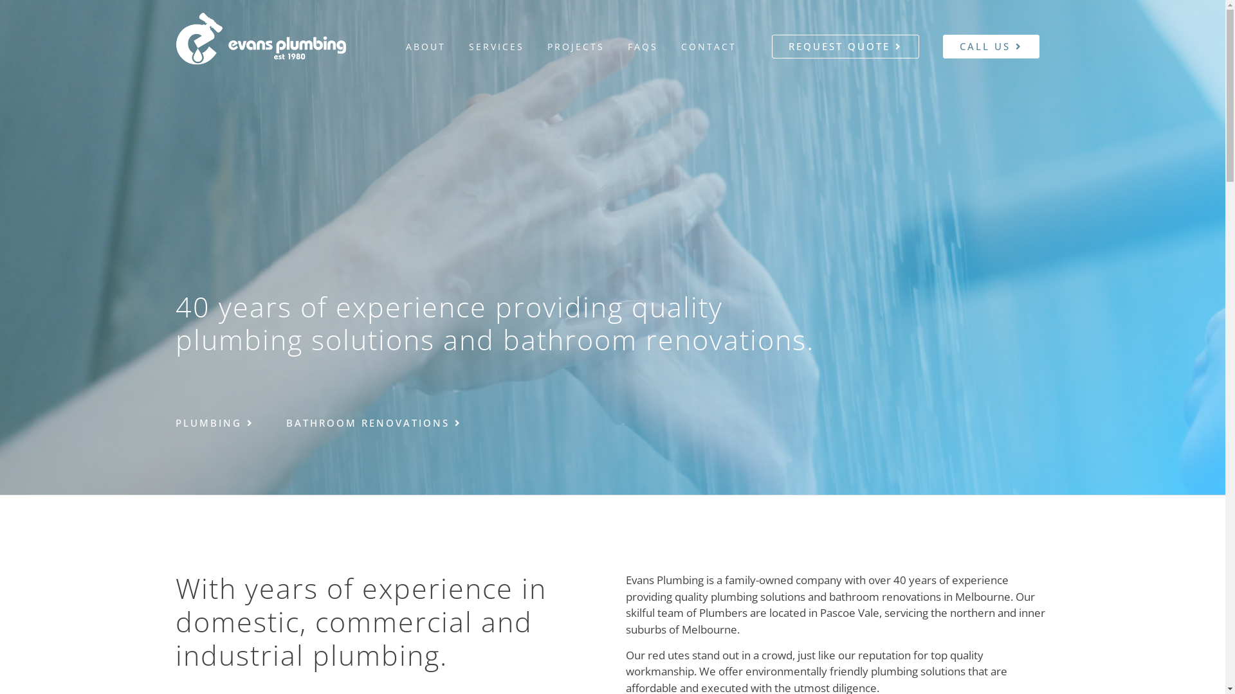  What do you see at coordinates (708, 46) in the screenshot?
I see `'CONTACT'` at bounding box center [708, 46].